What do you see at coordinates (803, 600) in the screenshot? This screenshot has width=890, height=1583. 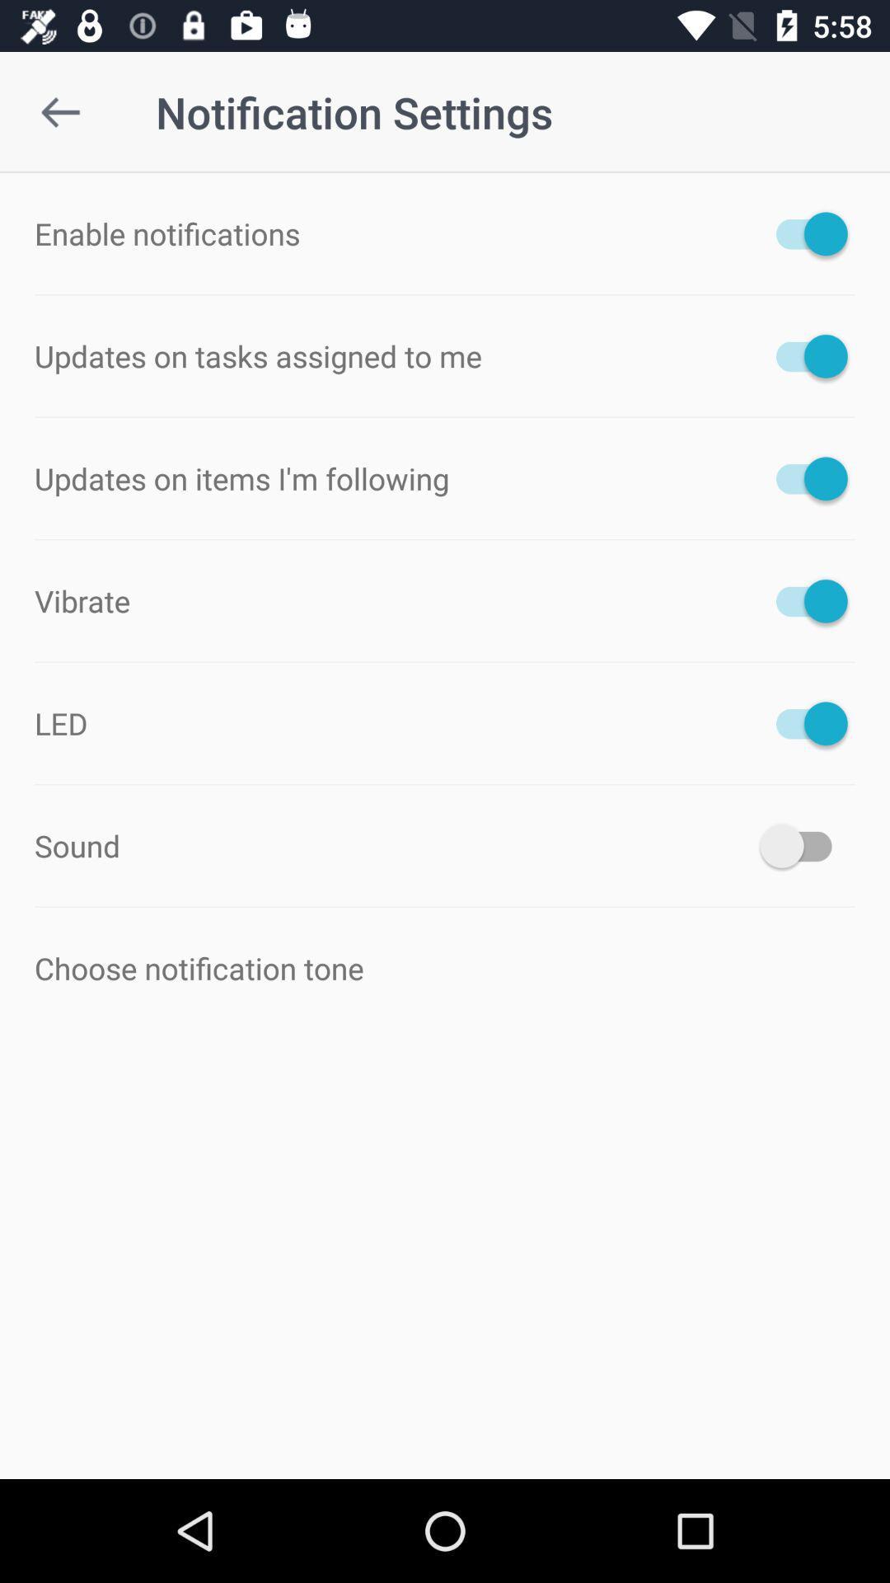 I see `item to the right of the vibrate item` at bounding box center [803, 600].